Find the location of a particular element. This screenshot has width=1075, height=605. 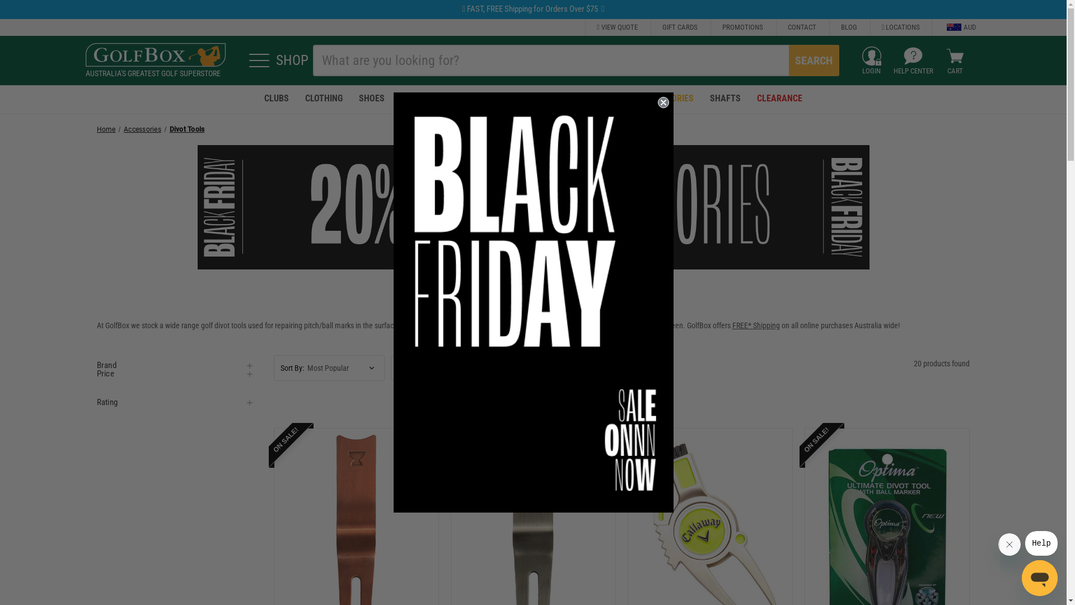

'SHOP' is located at coordinates (274, 61).